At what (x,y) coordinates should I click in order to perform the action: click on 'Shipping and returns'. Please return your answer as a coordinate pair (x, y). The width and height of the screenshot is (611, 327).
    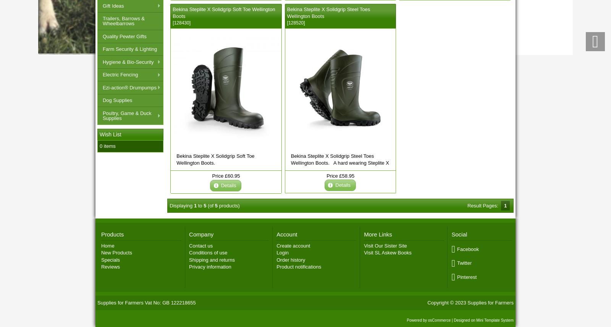
    Looking at the image, I should click on (212, 259).